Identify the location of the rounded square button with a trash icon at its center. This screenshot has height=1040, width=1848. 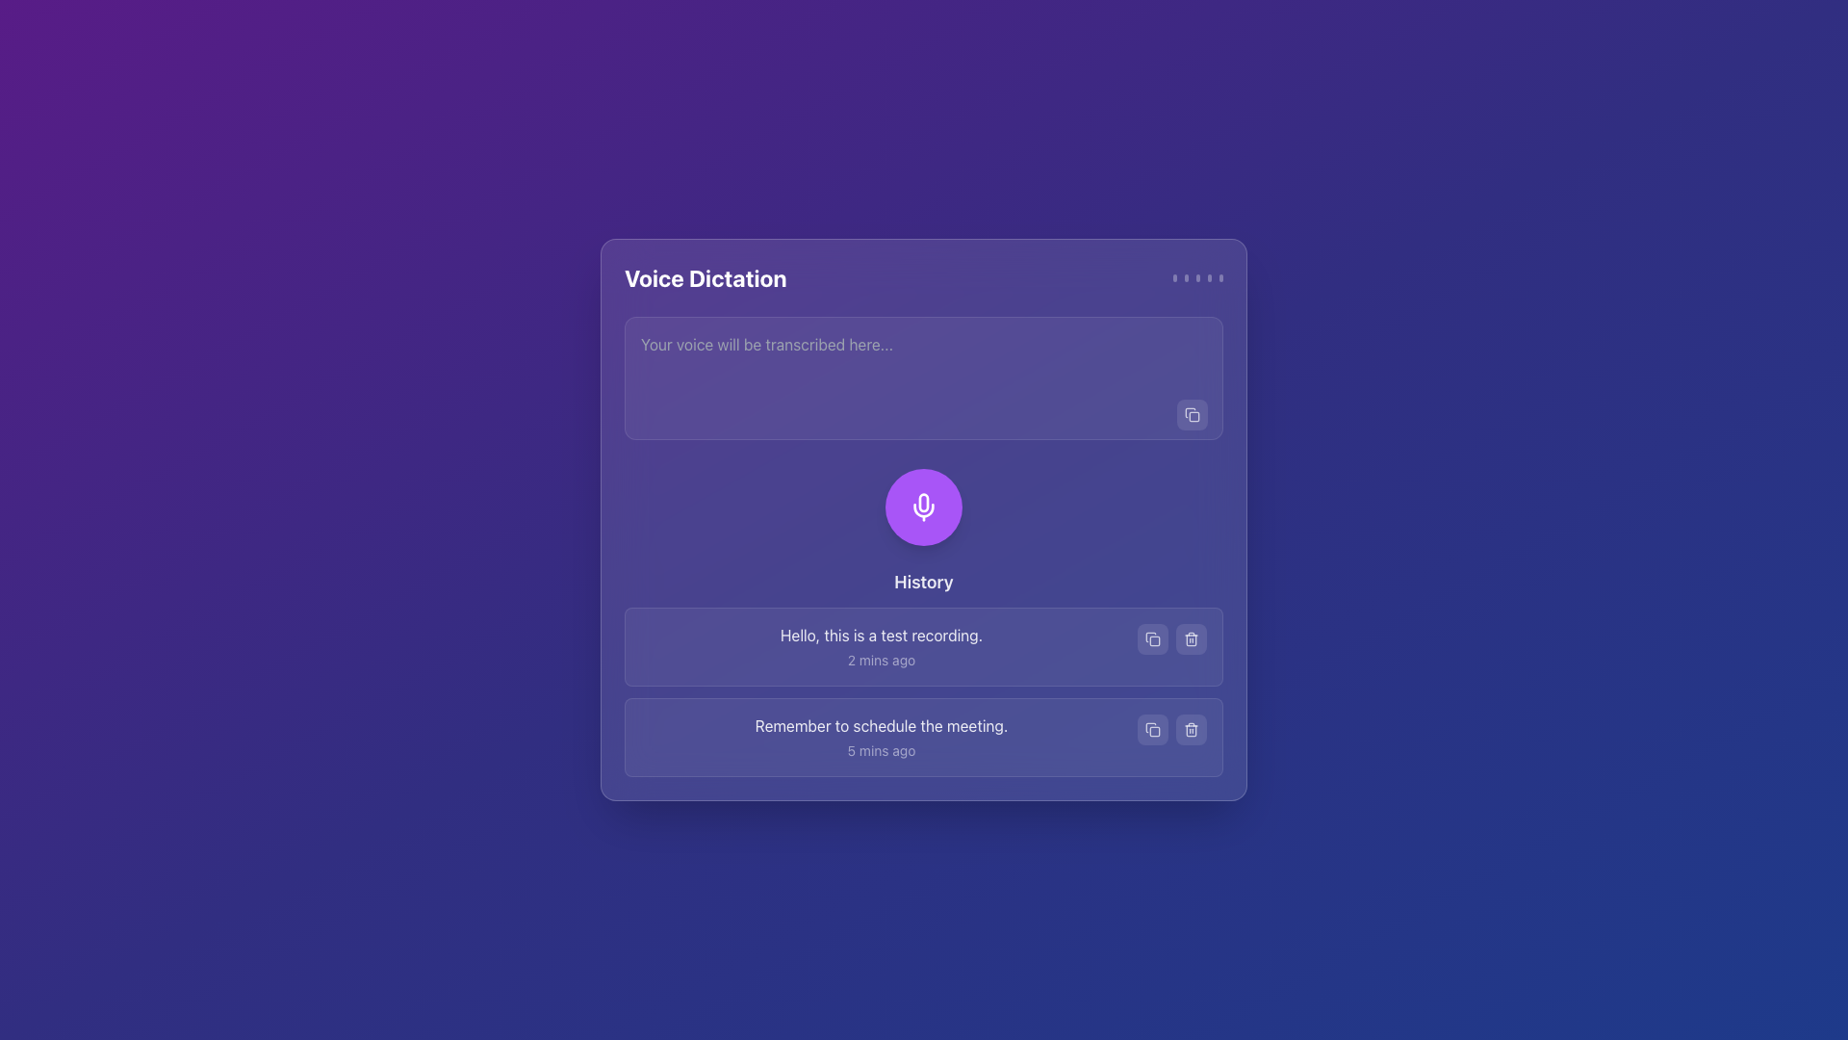
(1191, 730).